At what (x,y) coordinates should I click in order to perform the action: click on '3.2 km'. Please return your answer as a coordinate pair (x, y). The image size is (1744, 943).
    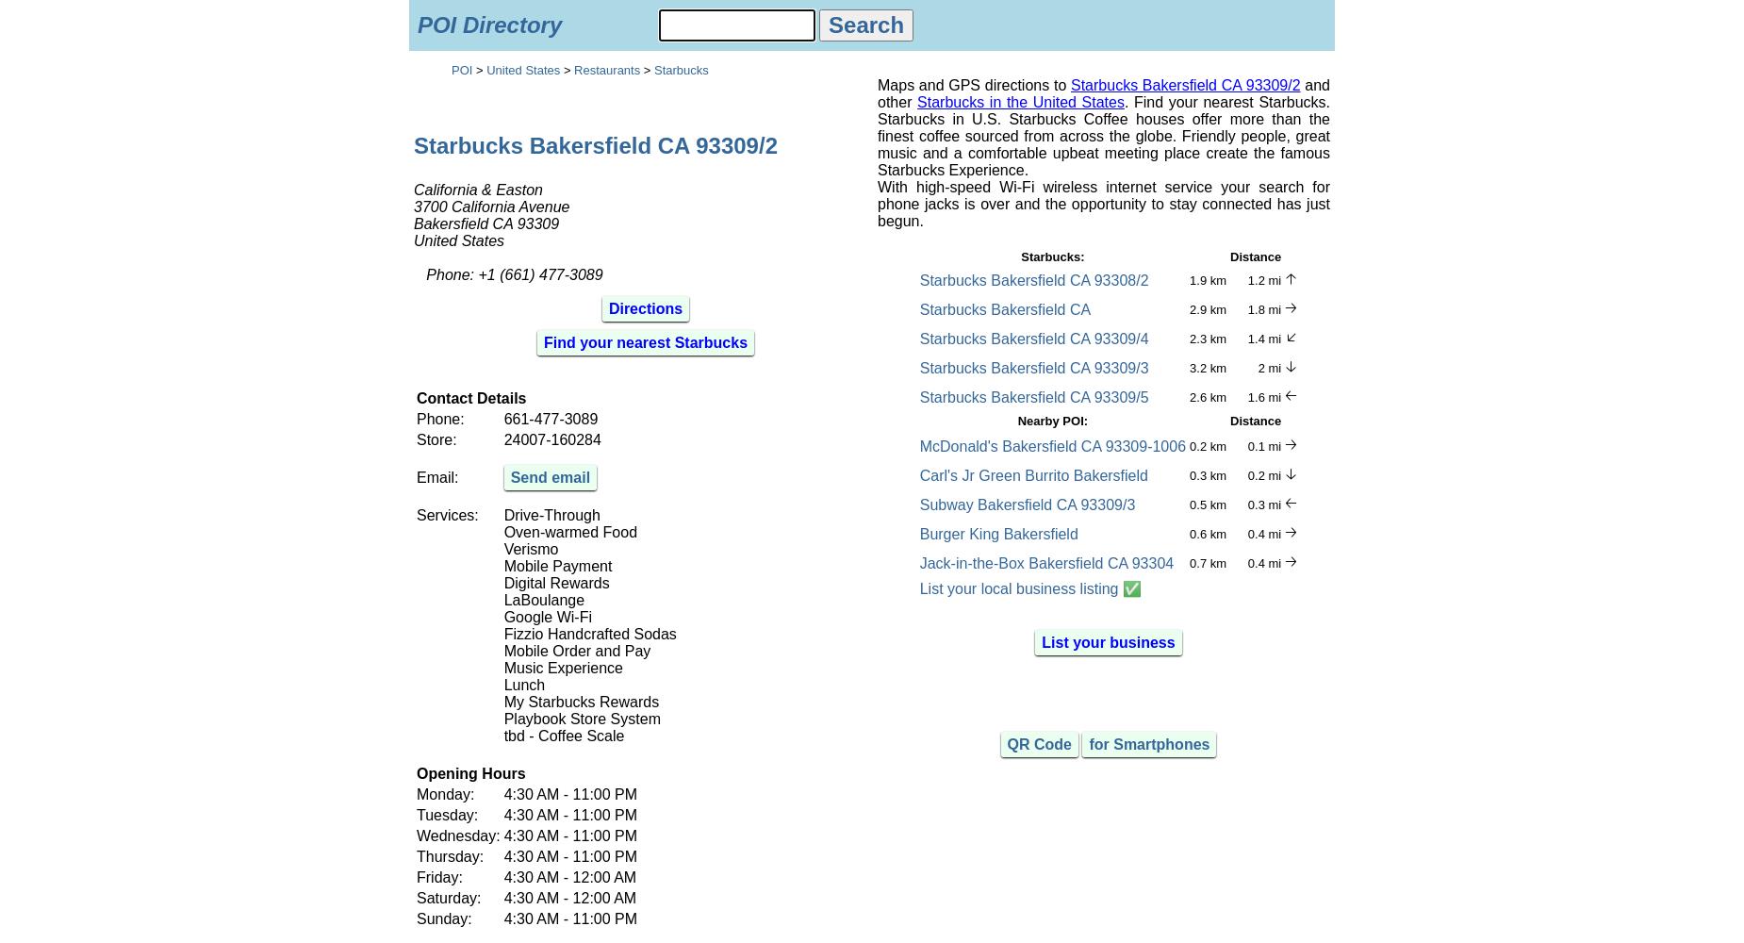
    Looking at the image, I should click on (1207, 368).